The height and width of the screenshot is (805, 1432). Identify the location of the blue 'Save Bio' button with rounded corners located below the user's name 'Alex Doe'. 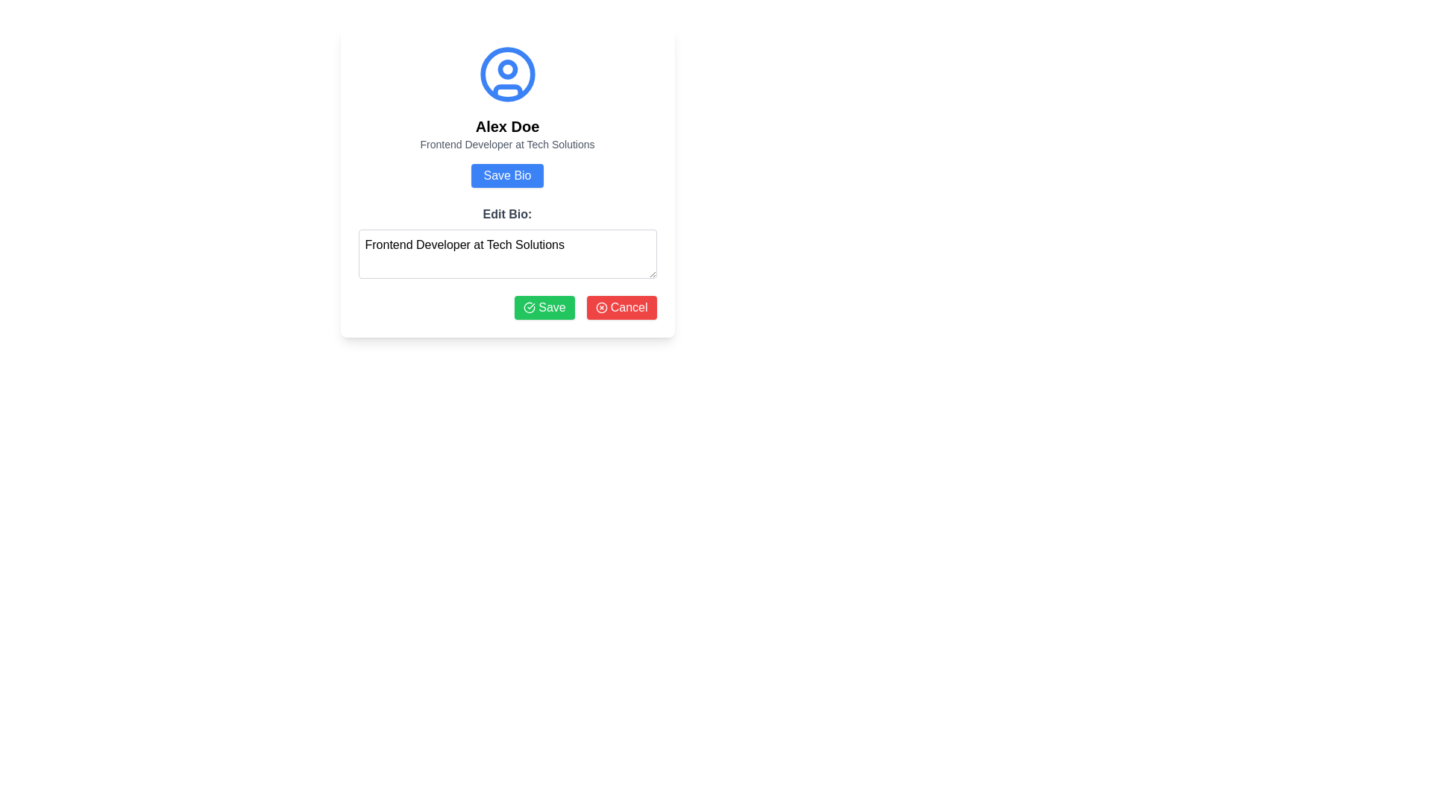
(507, 181).